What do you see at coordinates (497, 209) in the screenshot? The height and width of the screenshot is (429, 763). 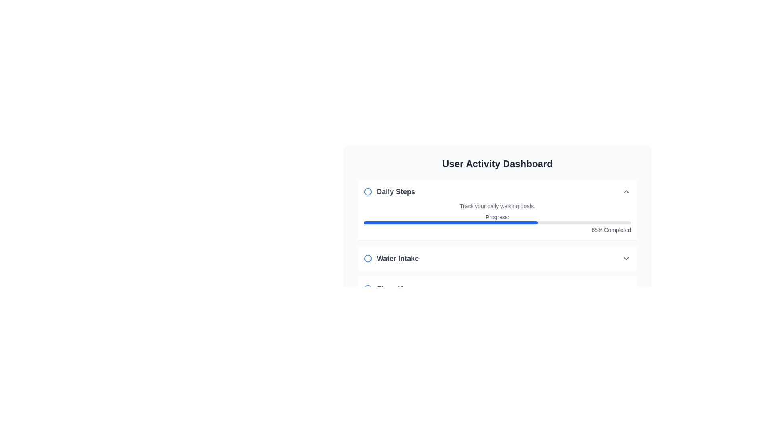 I see `the informational card displaying the user's daily step activity and progress bar, which is the first card in the 'User Activity Dashboard' section` at bounding box center [497, 209].